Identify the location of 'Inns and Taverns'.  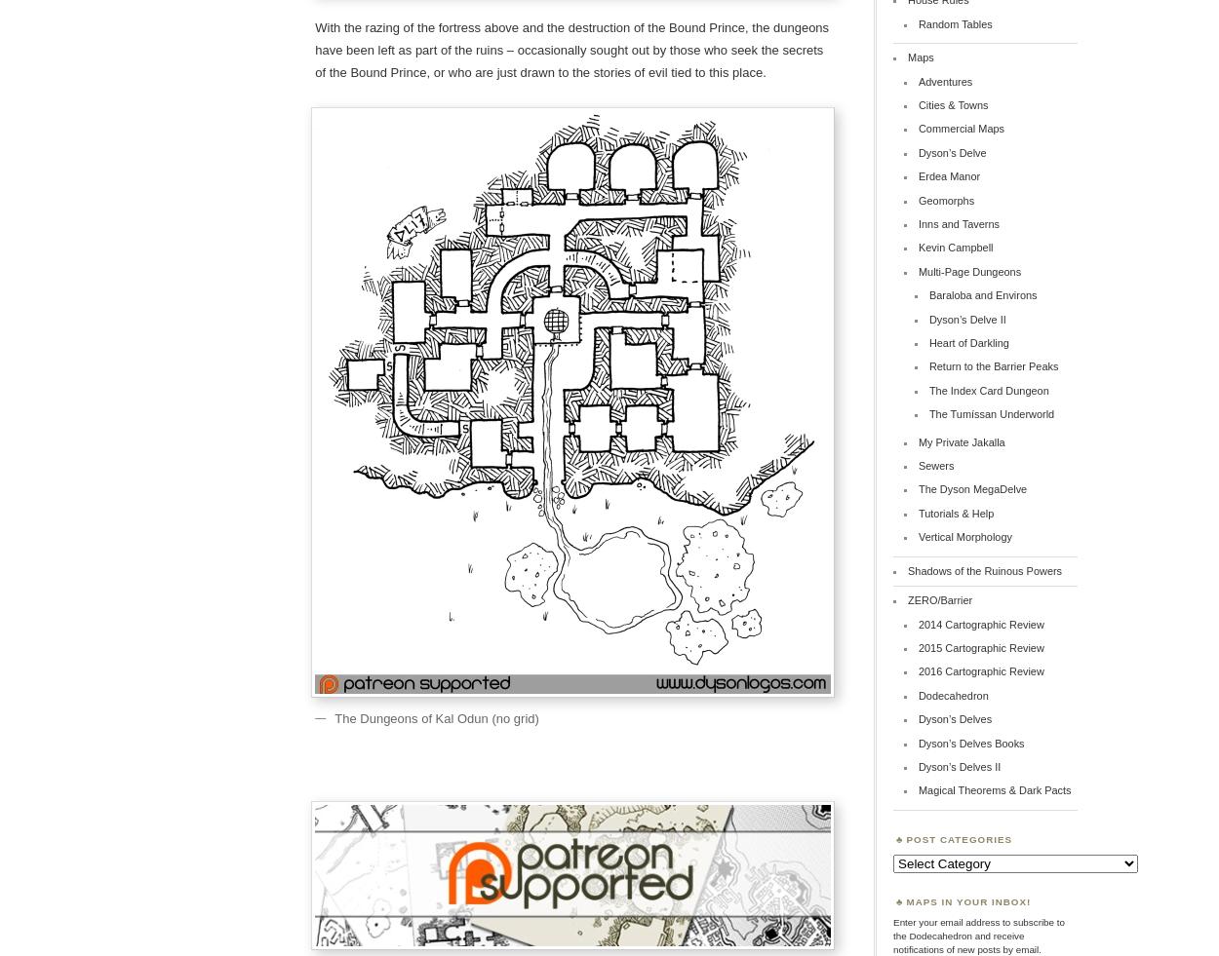
(958, 223).